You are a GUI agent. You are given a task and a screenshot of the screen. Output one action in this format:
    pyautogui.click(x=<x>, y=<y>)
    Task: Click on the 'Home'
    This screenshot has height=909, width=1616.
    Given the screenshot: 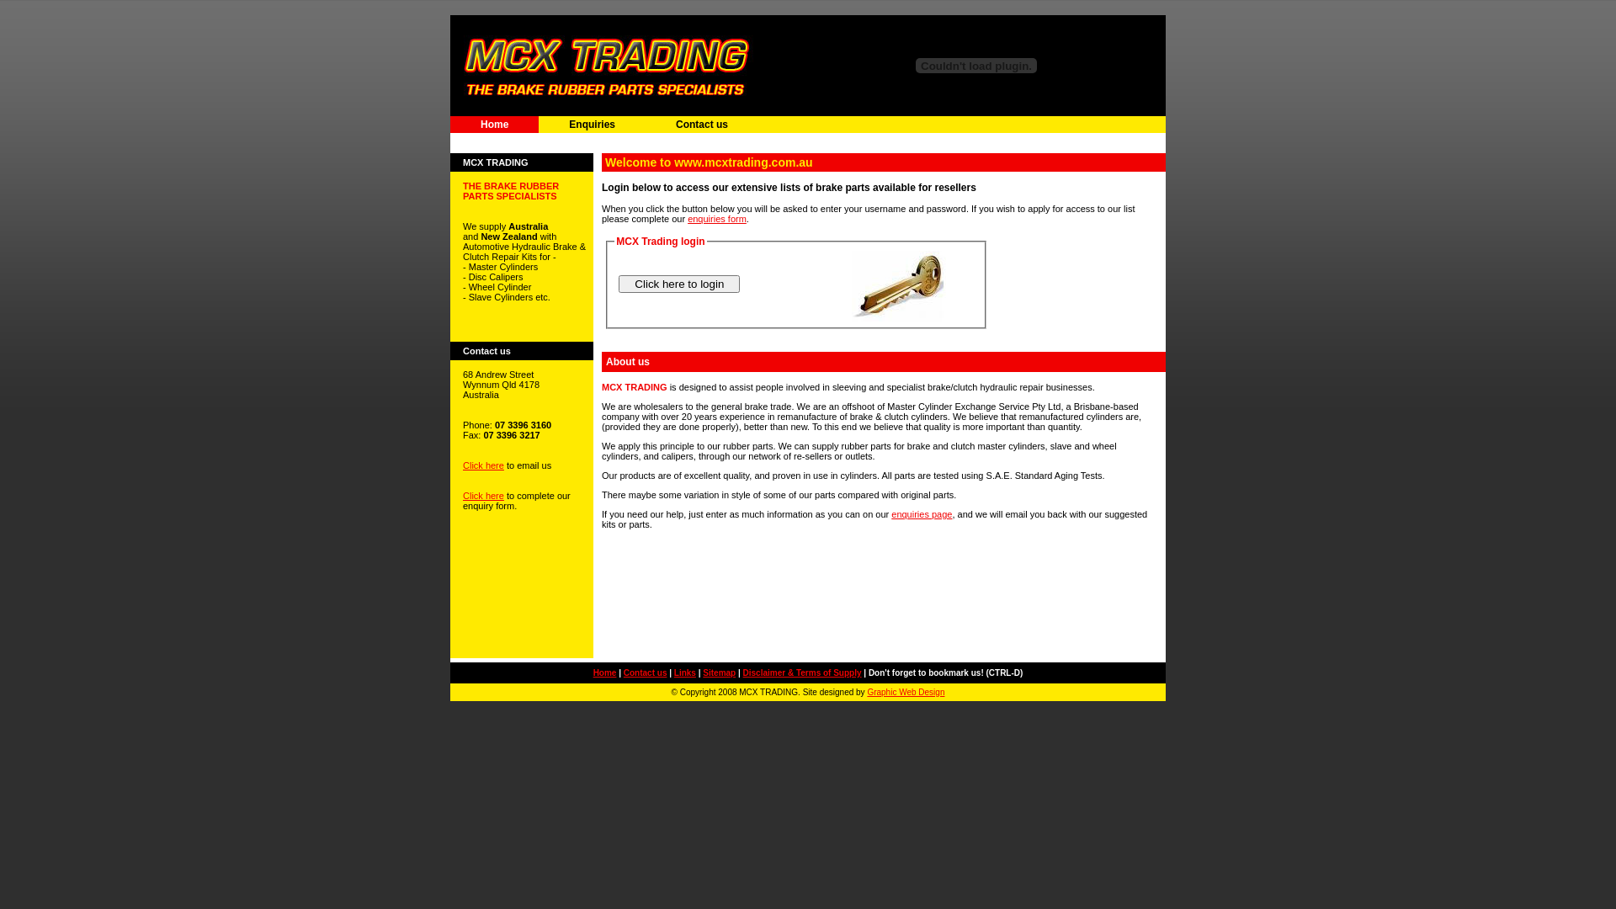 What is the action you would take?
    pyautogui.click(x=449, y=123)
    